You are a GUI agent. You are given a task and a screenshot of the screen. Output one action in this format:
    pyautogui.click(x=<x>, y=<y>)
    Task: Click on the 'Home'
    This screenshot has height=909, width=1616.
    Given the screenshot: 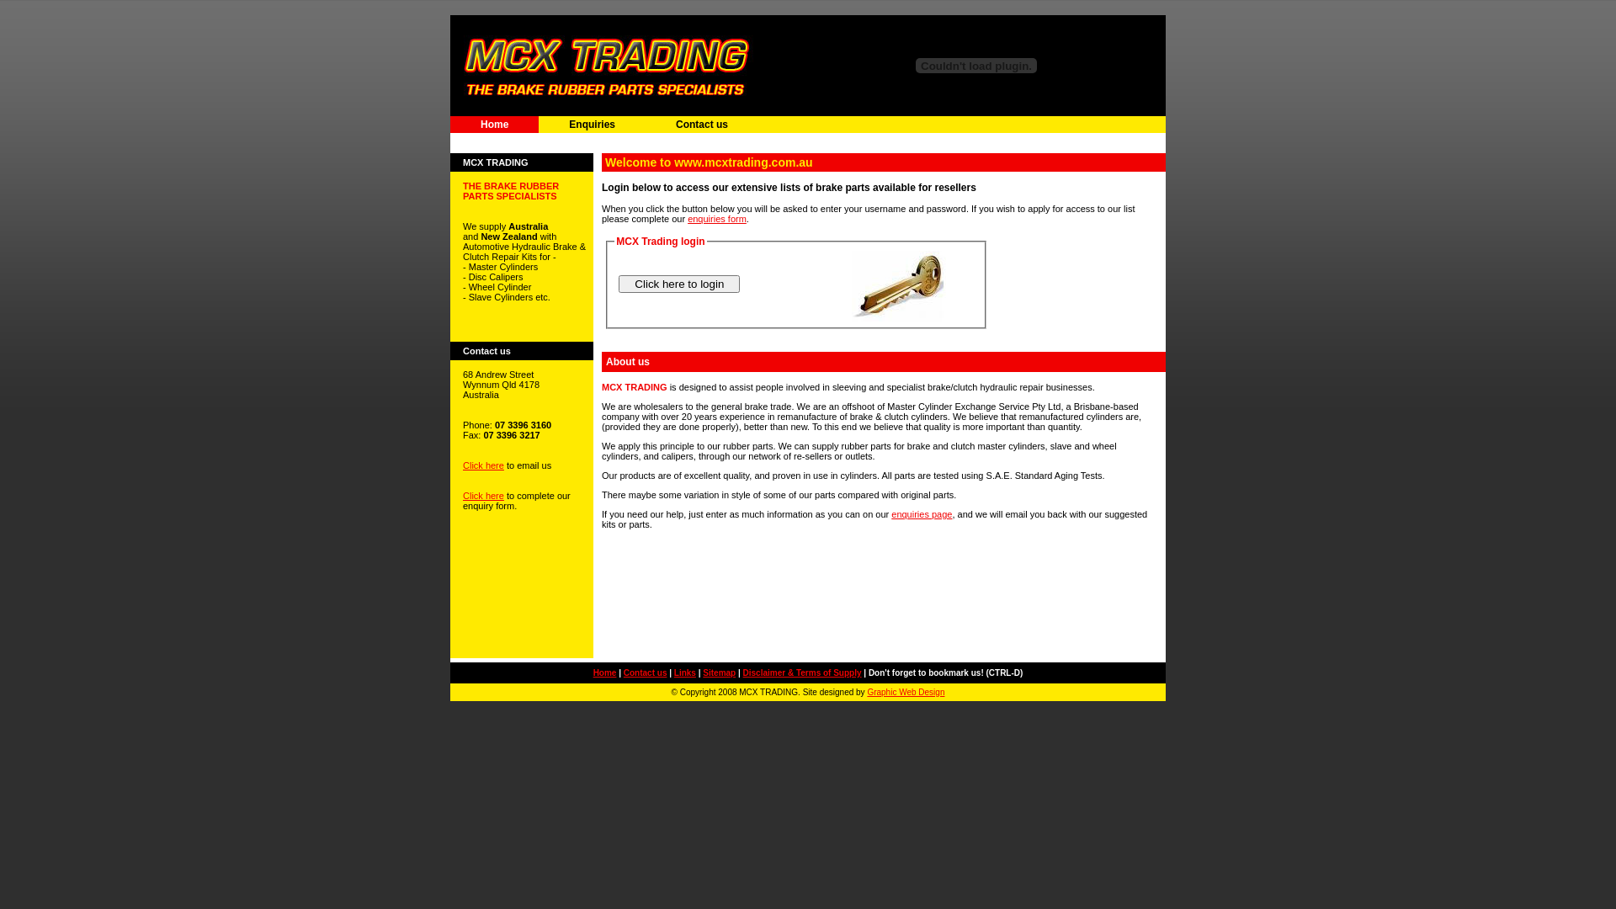 What is the action you would take?
    pyautogui.click(x=449, y=123)
    